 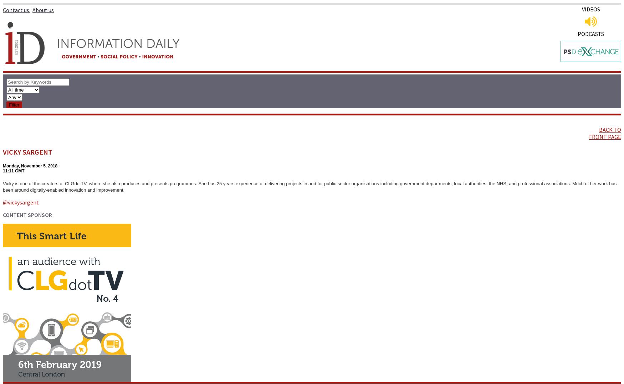 What do you see at coordinates (605, 136) in the screenshot?
I see `'FRONT PAGE'` at bounding box center [605, 136].